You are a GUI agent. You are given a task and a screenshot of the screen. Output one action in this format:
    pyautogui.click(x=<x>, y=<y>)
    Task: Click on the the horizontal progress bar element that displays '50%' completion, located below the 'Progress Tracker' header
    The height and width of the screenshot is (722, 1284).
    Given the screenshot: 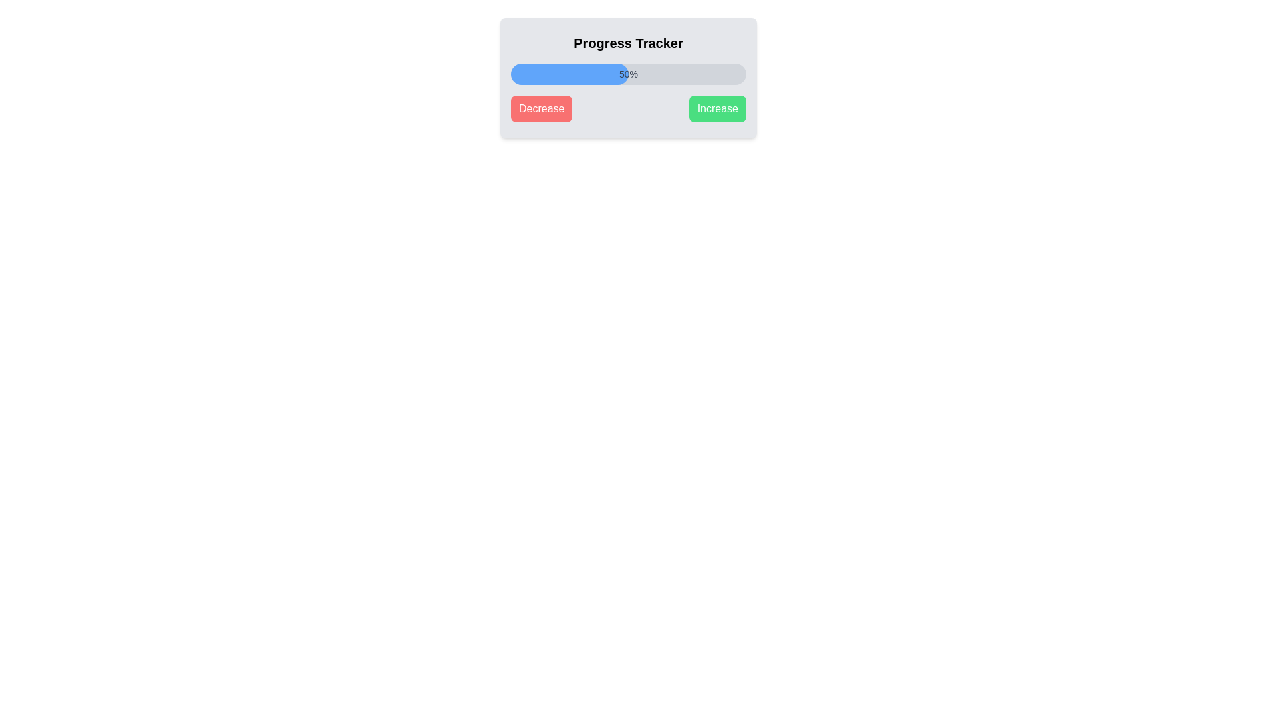 What is the action you would take?
    pyautogui.click(x=628, y=74)
    